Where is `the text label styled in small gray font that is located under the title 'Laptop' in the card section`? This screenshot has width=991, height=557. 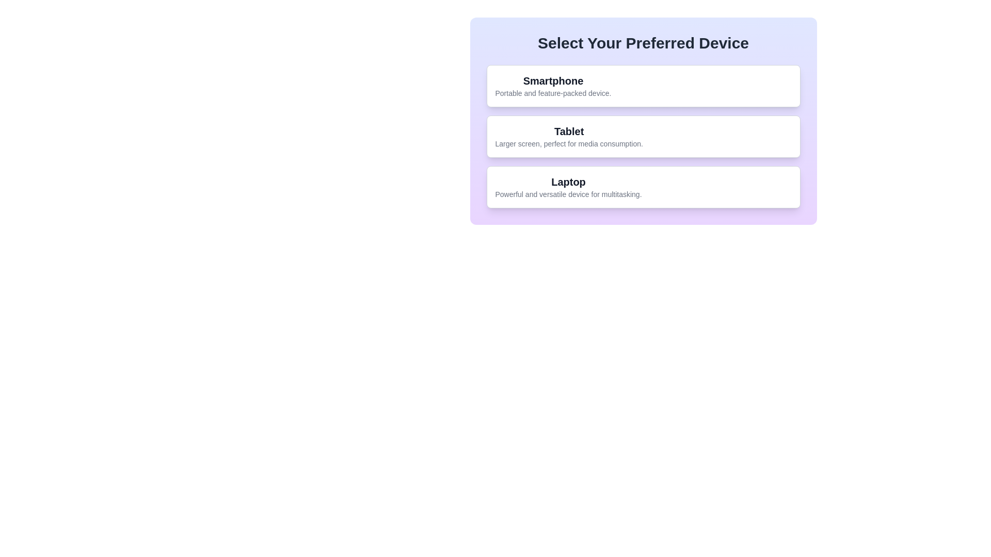
the text label styled in small gray font that is located under the title 'Laptop' in the card section is located at coordinates (568, 194).